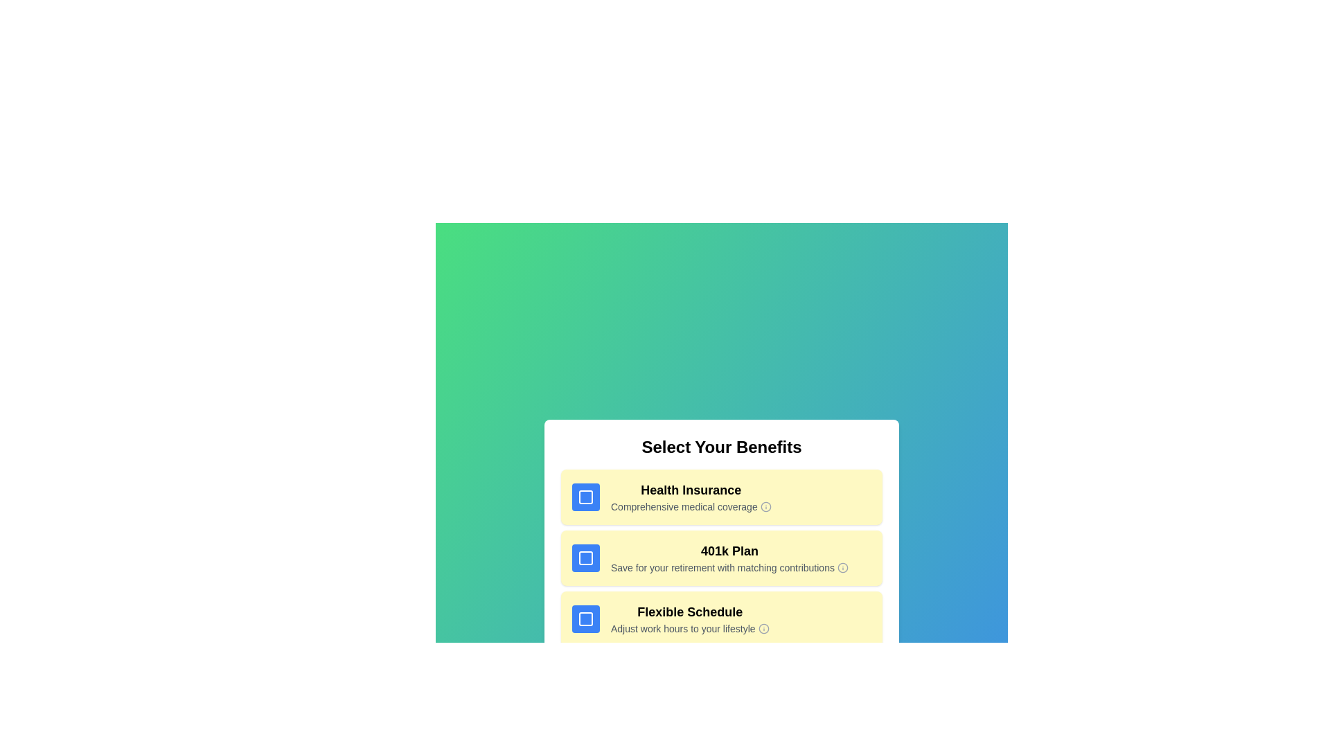  What do you see at coordinates (720, 496) in the screenshot?
I see `the benefit item corresponding to Health Insurance` at bounding box center [720, 496].